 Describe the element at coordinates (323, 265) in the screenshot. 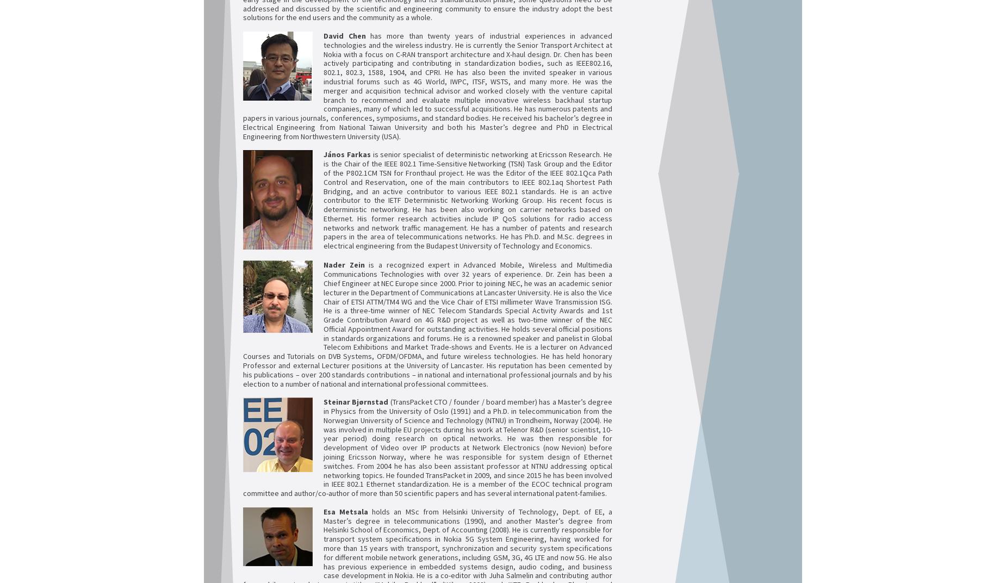

I see `'Nader Zein'` at that location.